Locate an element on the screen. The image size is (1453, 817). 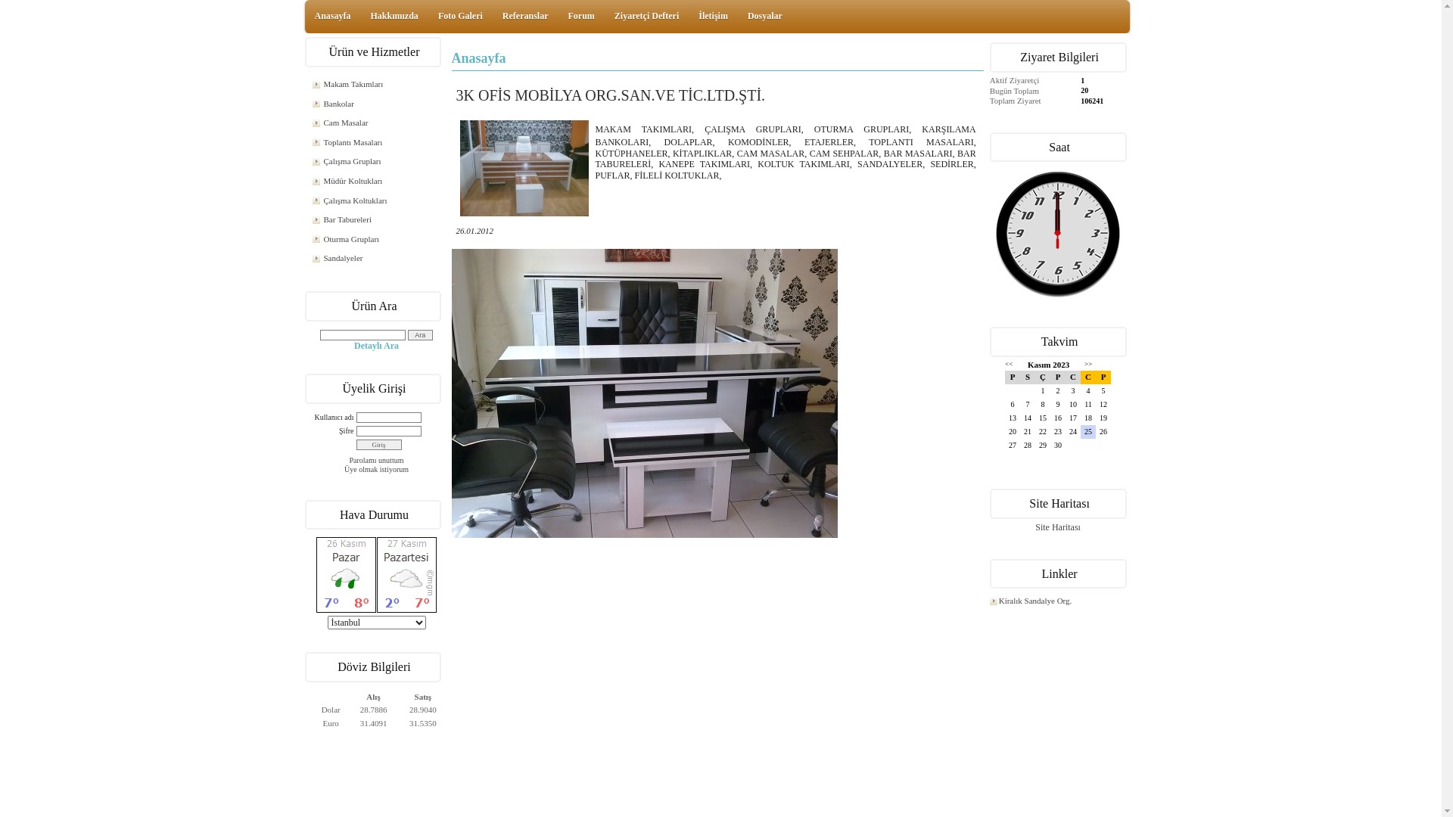
'Cam Masalar' is located at coordinates (376, 122).